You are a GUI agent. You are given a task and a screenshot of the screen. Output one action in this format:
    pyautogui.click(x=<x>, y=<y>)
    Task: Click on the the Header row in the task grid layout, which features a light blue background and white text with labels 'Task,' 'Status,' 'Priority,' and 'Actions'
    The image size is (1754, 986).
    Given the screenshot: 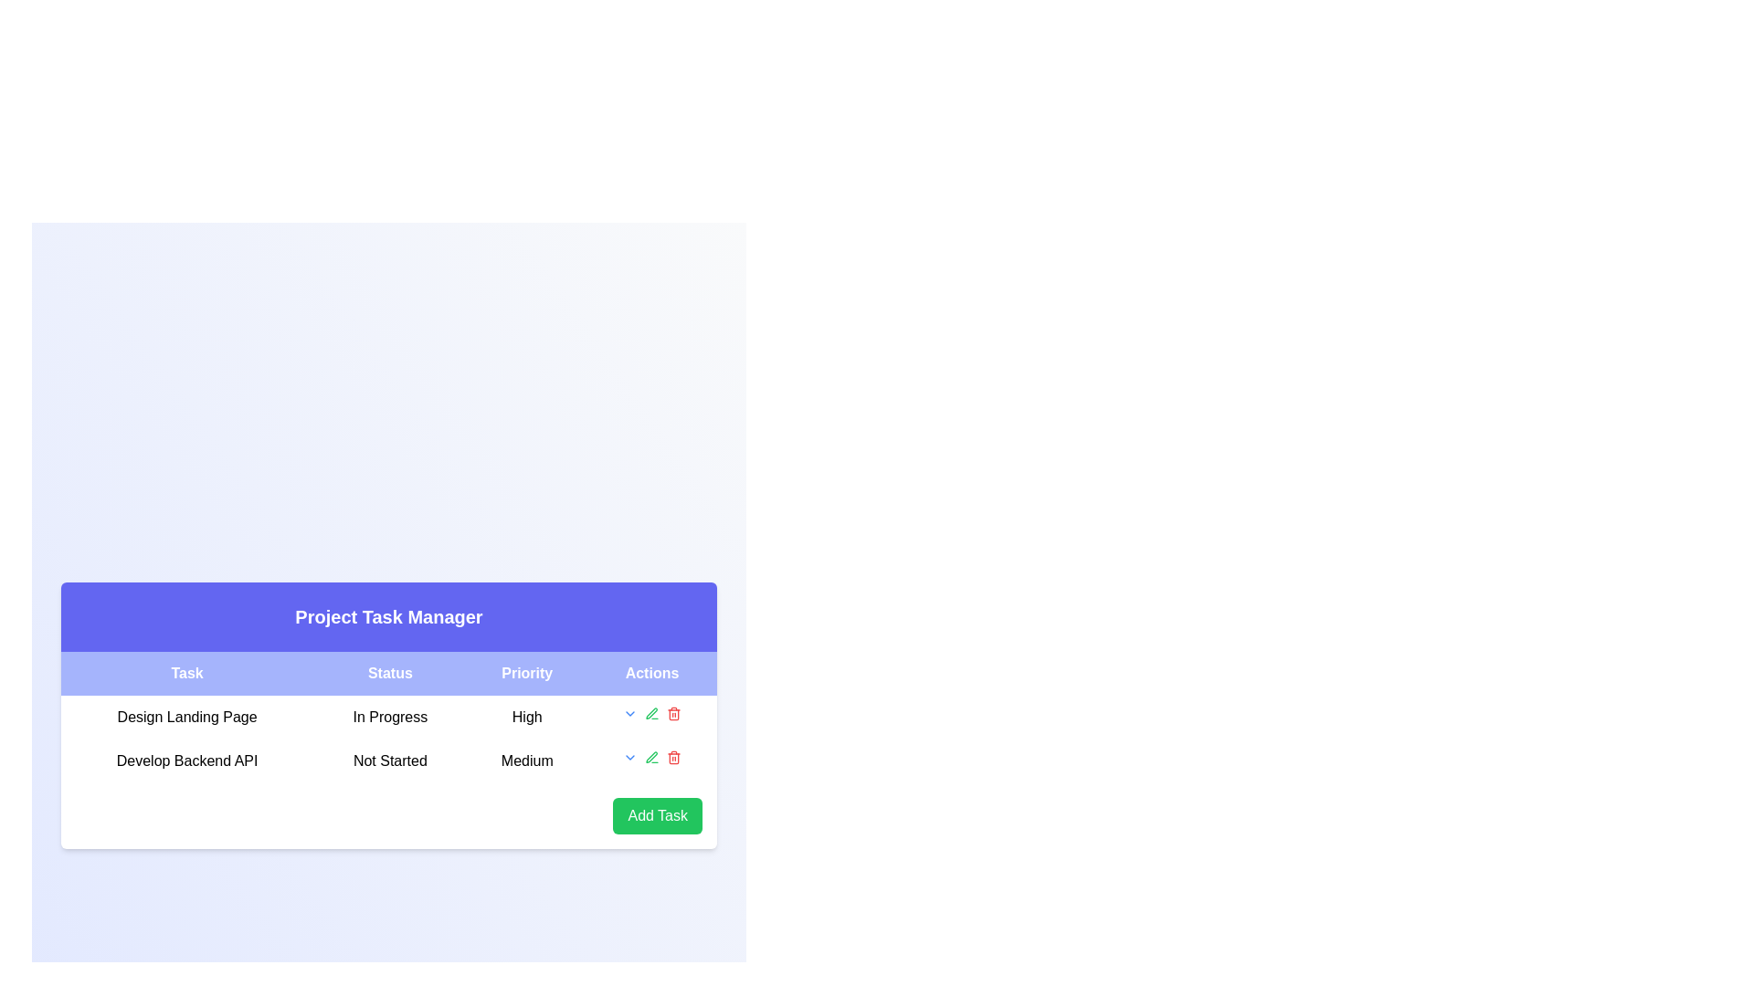 What is the action you would take?
    pyautogui.click(x=388, y=673)
    